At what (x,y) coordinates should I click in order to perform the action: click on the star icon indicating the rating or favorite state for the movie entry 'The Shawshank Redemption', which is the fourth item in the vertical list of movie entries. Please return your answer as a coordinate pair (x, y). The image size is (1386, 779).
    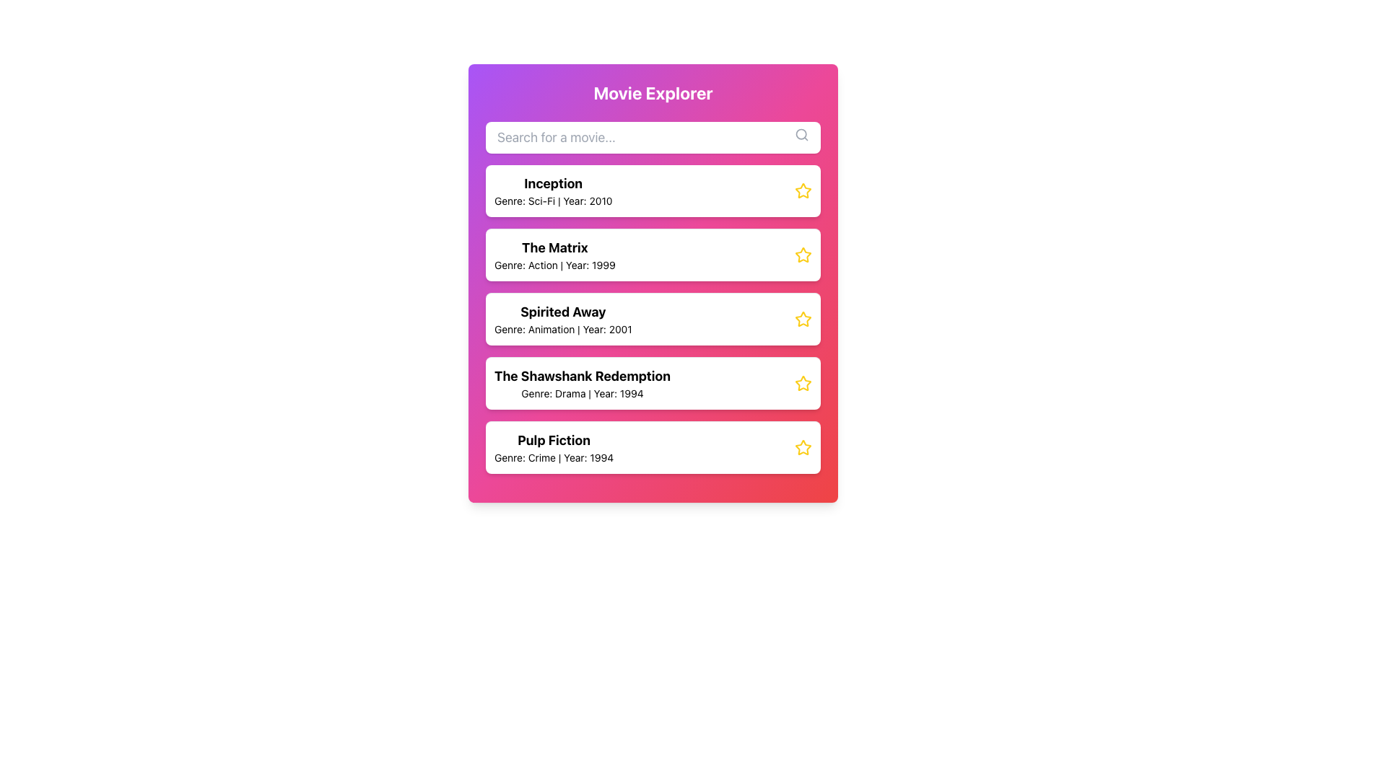
    Looking at the image, I should click on (803, 382).